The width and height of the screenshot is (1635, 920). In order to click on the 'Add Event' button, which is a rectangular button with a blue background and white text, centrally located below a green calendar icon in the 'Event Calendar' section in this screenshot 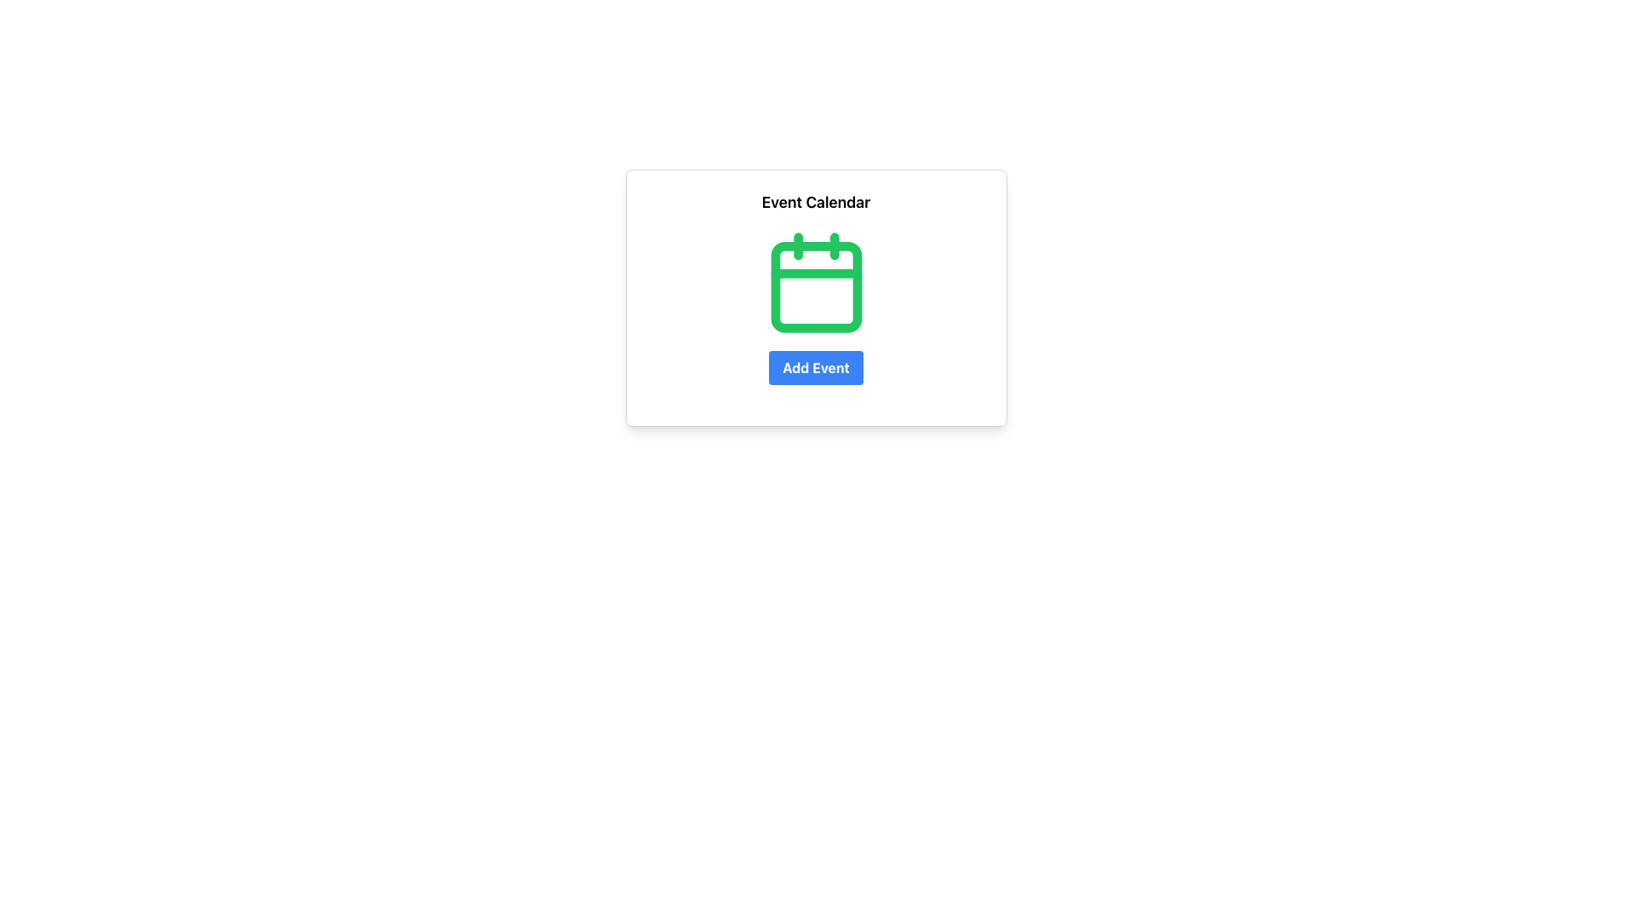, I will do `click(815, 367)`.